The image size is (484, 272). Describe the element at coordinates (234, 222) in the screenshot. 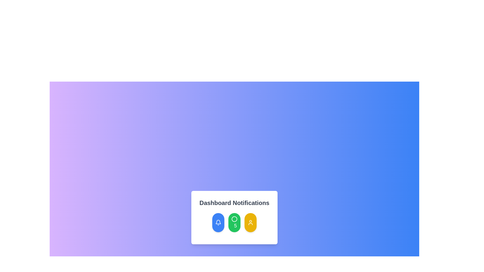

I see `the Notification badge button, which is the central button among three oval buttons in the Dashboard Notifications section, indicating unread messages or tasks` at that location.